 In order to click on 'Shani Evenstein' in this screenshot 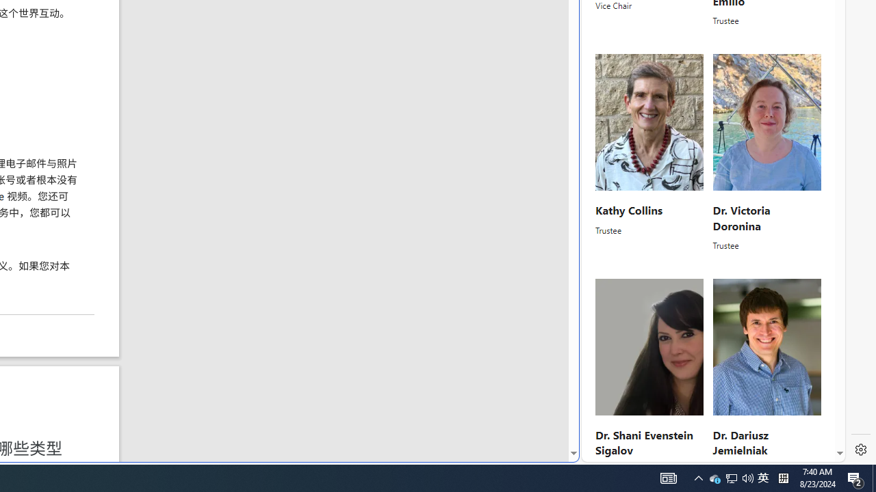, I will do `click(649, 346)`.